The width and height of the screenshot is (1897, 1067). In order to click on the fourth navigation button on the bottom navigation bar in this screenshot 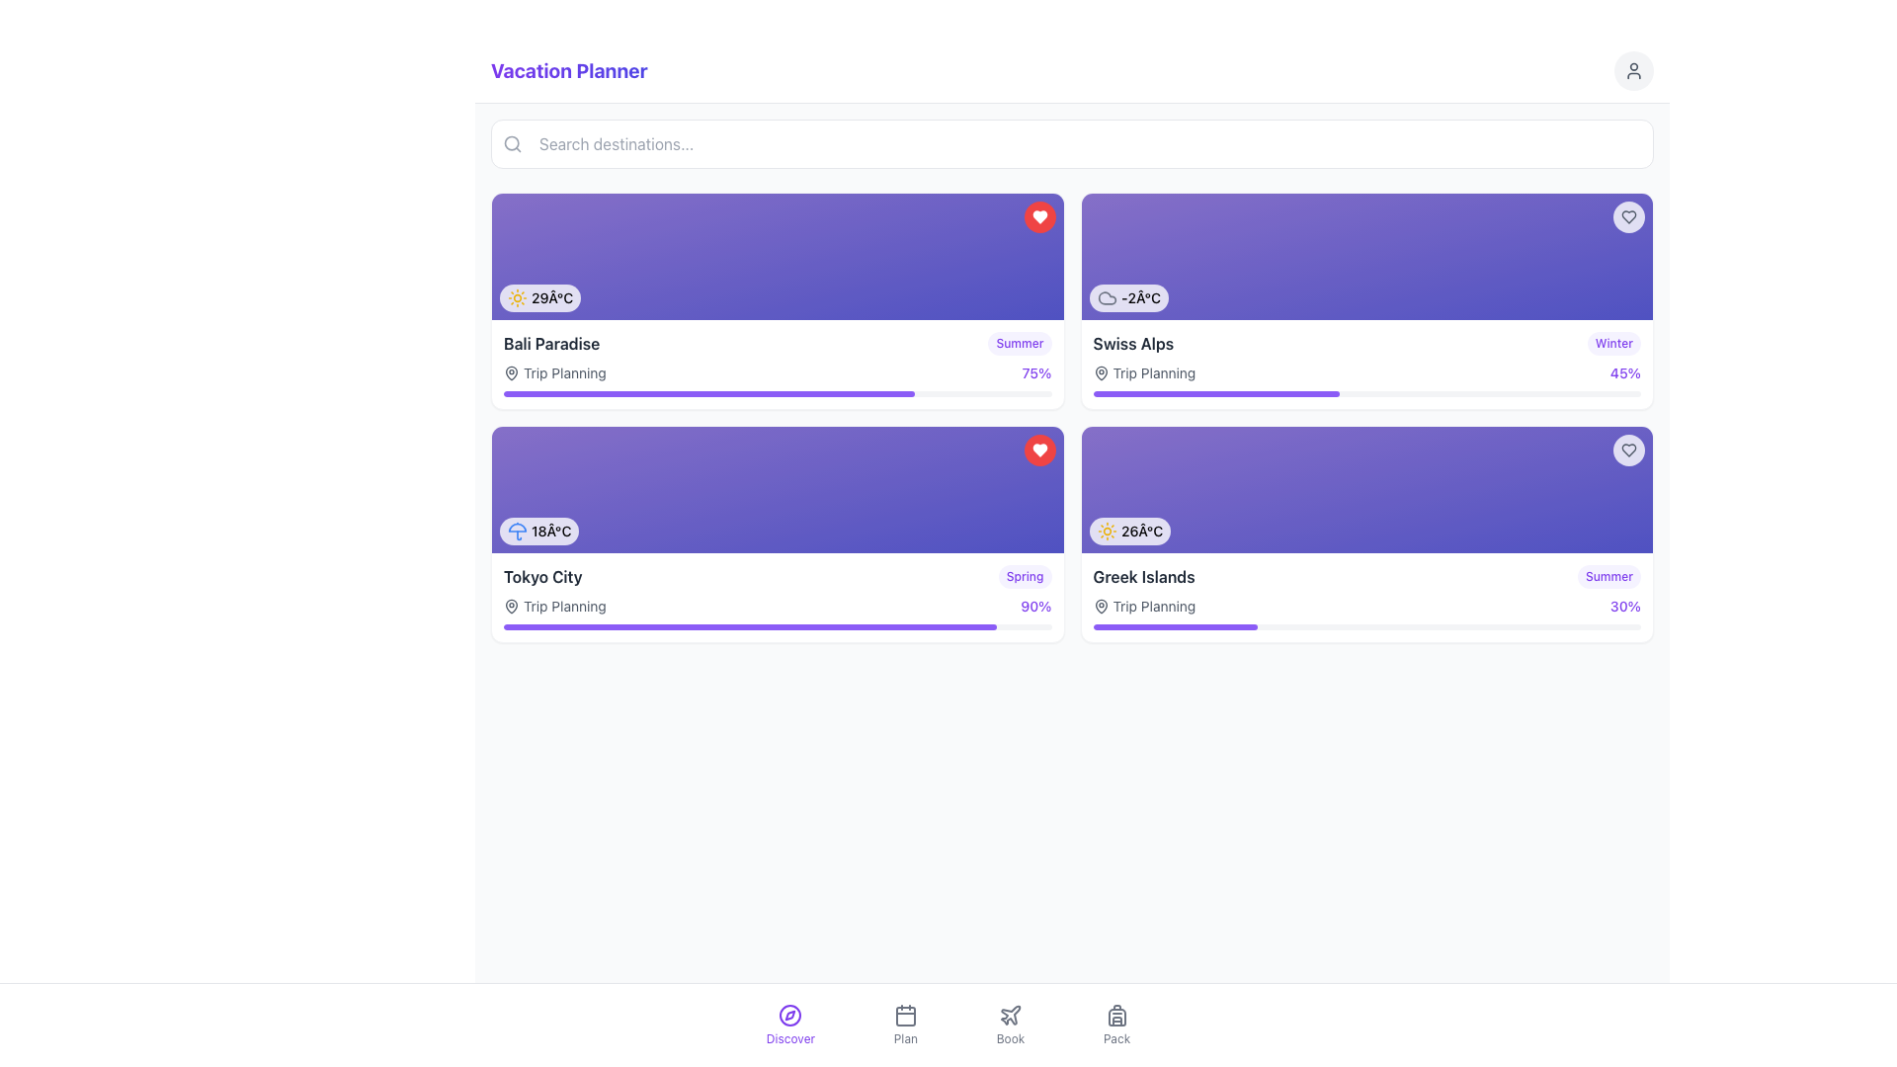, I will do `click(1116, 1024)`.